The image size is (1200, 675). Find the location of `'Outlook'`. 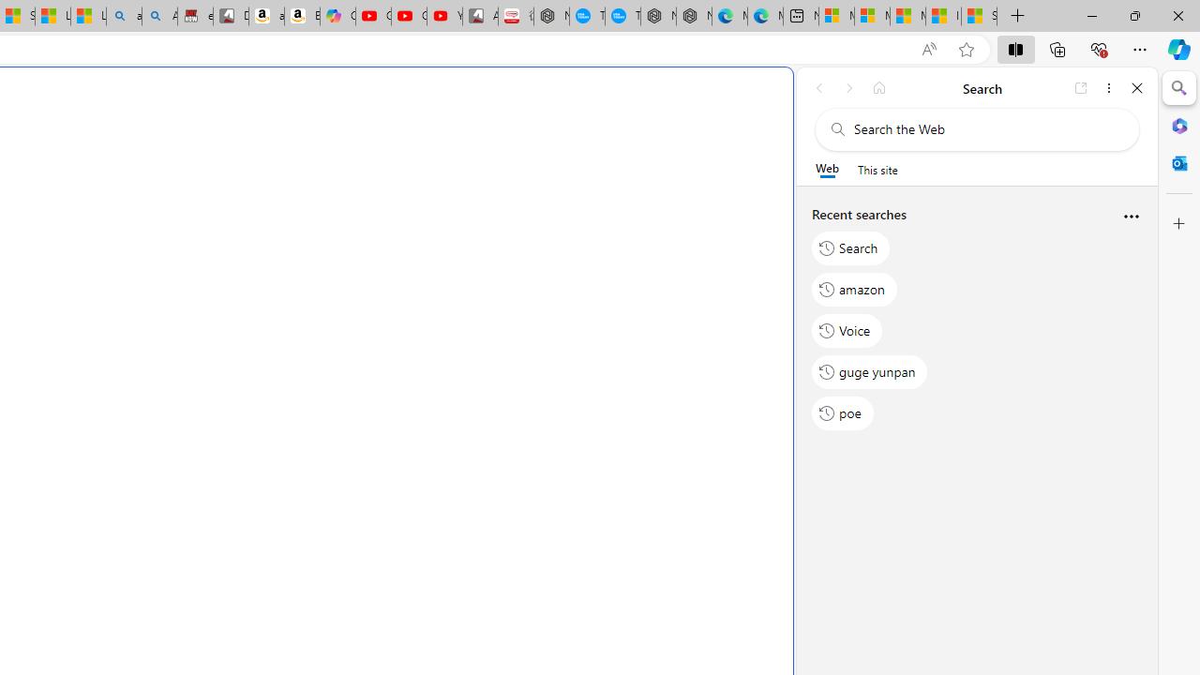

'Outlook' is located at coordinates (1178, 162).